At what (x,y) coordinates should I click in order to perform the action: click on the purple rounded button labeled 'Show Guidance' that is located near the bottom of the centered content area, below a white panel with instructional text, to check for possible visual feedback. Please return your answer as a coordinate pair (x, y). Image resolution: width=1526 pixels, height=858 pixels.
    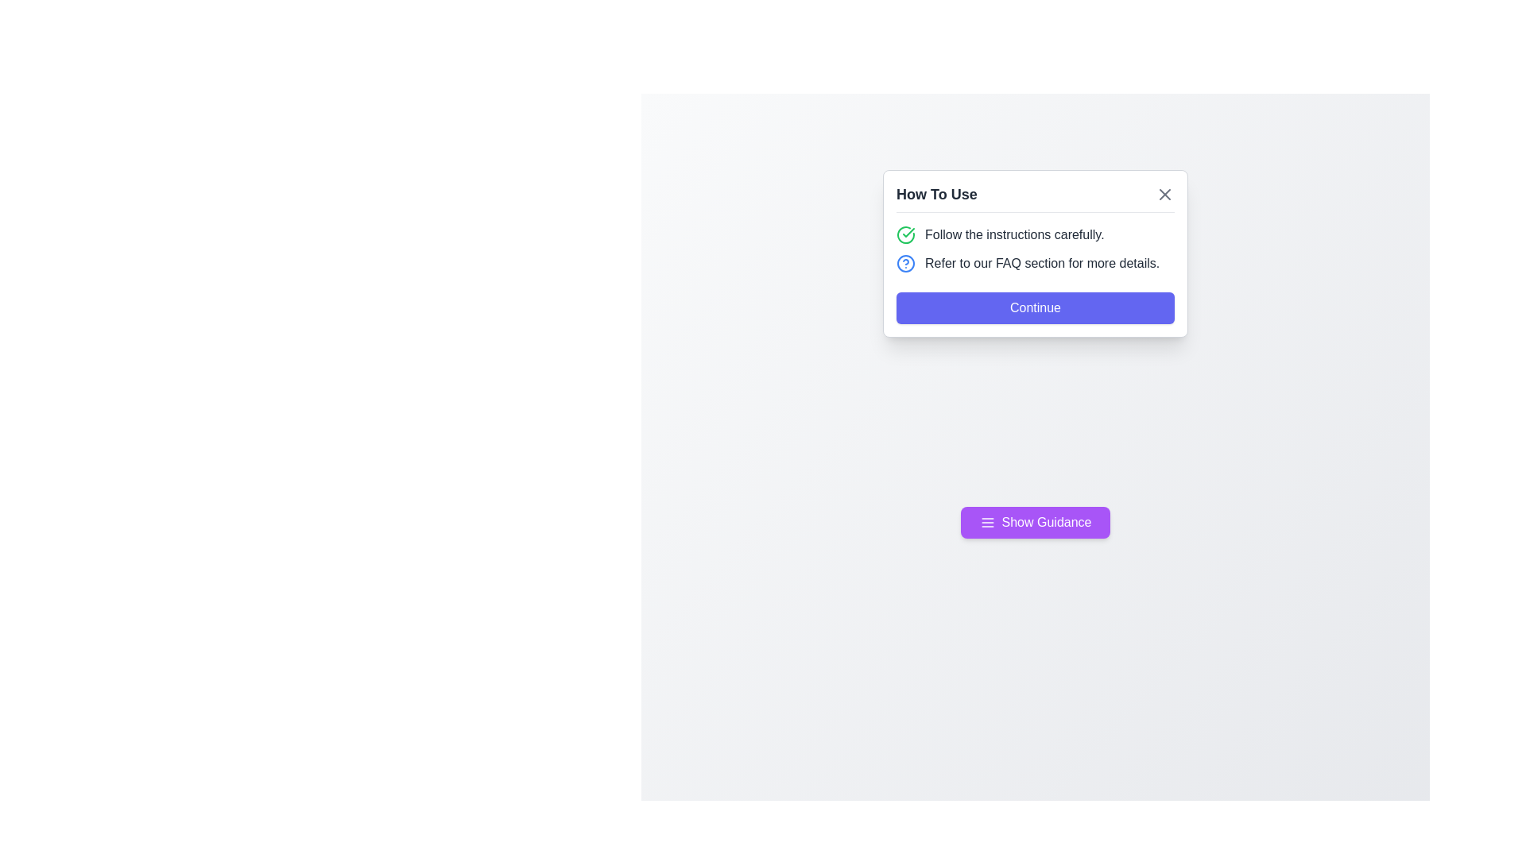
    Looking at the image, I should click on (1035, 523).